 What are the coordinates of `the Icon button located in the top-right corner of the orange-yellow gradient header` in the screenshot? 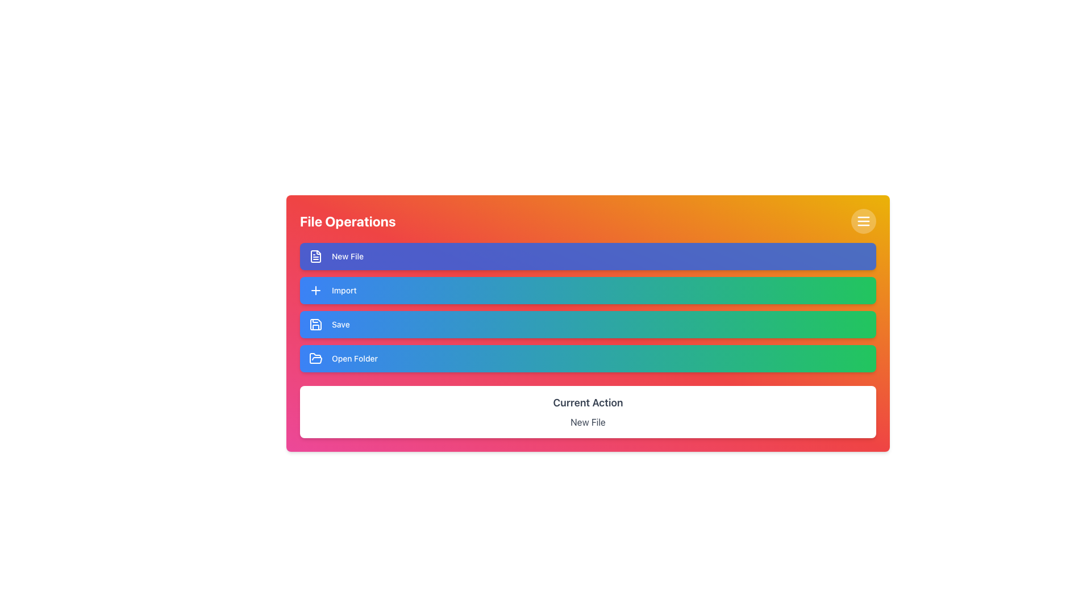 It's located at (864, 221).